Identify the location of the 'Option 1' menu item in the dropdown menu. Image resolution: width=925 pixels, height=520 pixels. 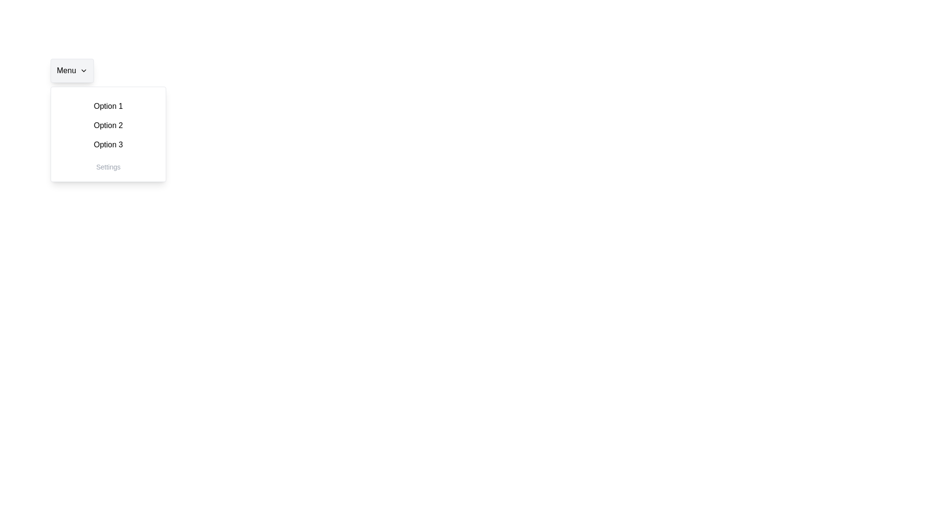
(108, 106).